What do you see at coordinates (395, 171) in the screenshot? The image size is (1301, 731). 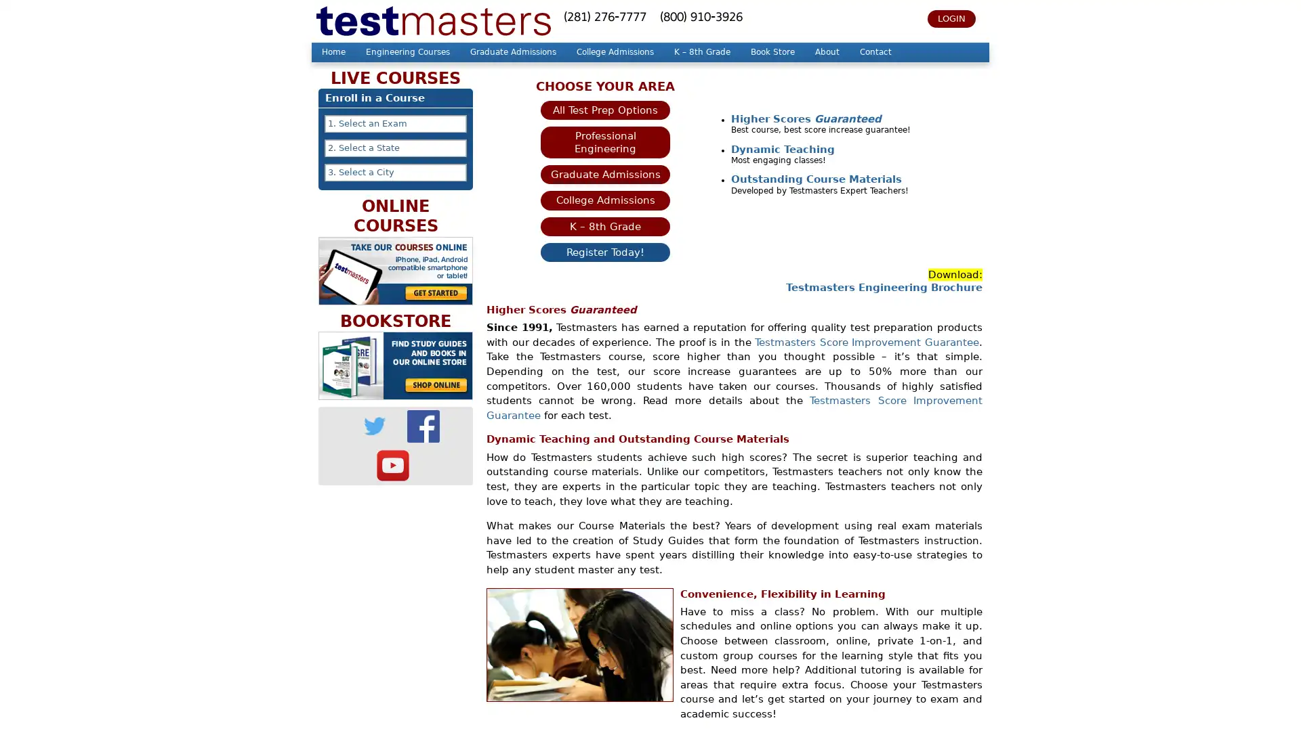 I see `3. Select a City` at bounding box center [395, 171].